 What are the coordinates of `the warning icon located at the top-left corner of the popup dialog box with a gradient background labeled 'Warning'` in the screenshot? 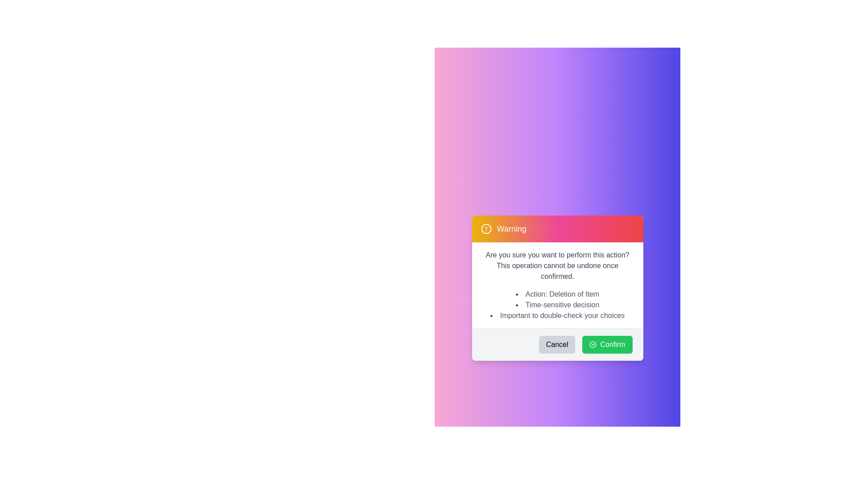 It's located at (486, 228).